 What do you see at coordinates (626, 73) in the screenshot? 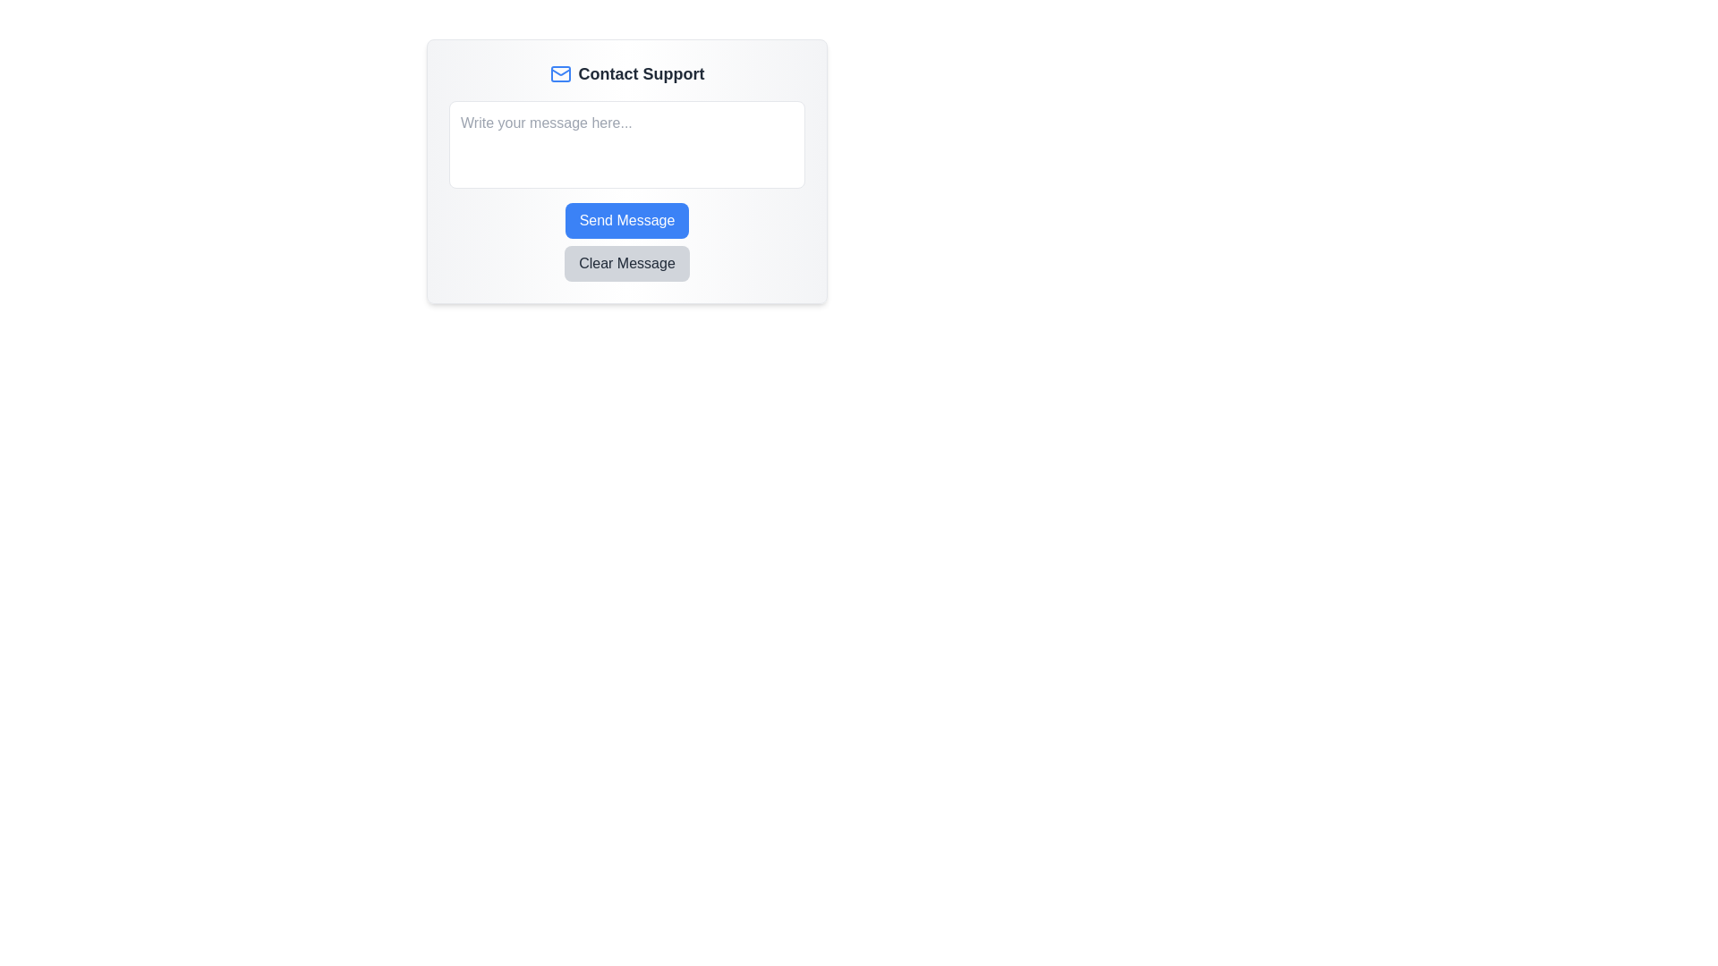
I see `the 'Contact Support' label with the blue mail icon, which is positioned at the top of the centered card layout` at bounding box center [626, 73].